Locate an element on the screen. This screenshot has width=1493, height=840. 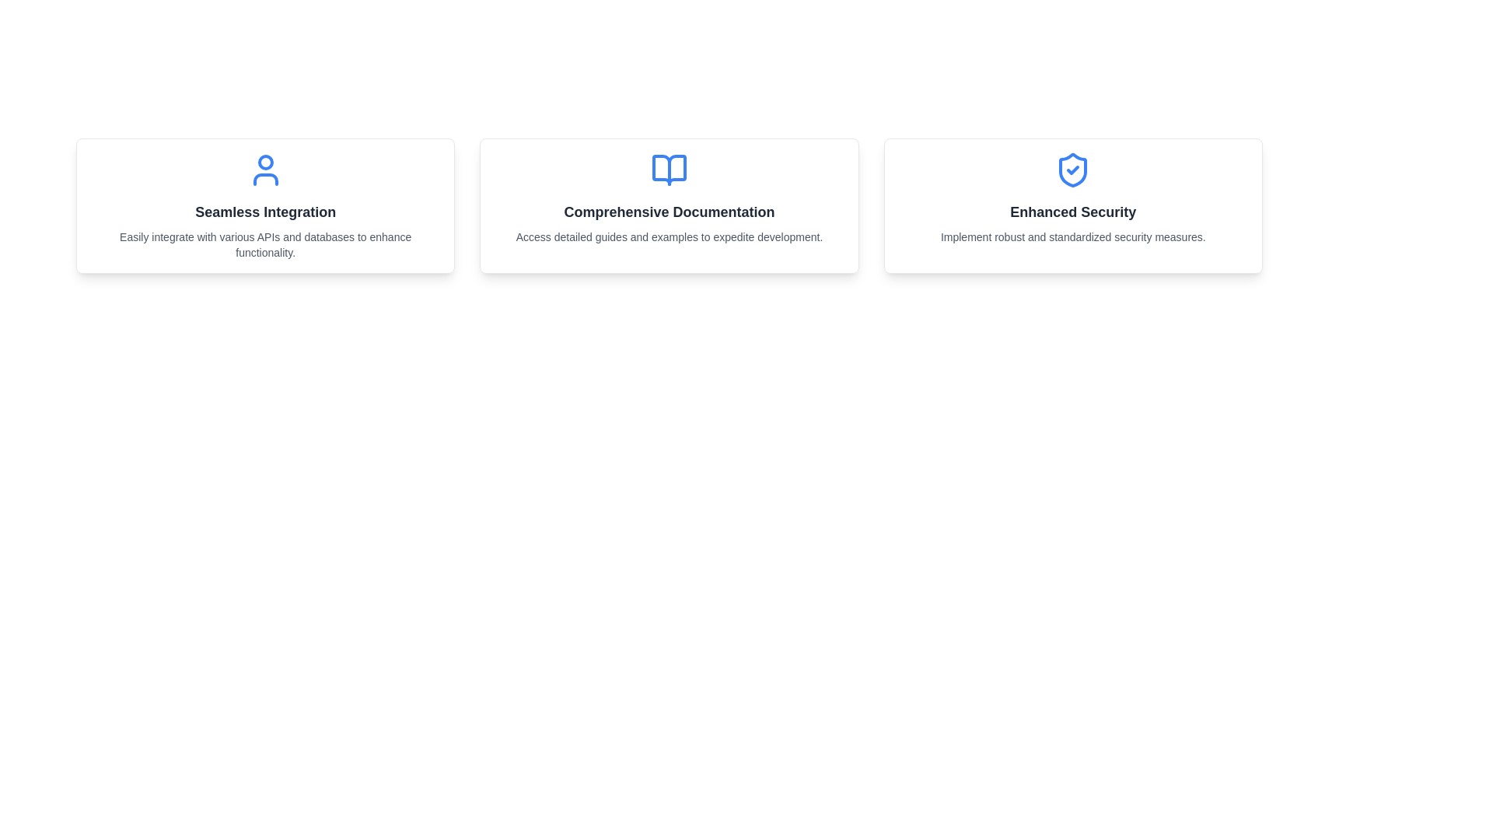
the blue shield icon with a checkmark inside, located in the 'Enhanced Security' card on the rightmost side of the row is located at coordinates (1072, 170).